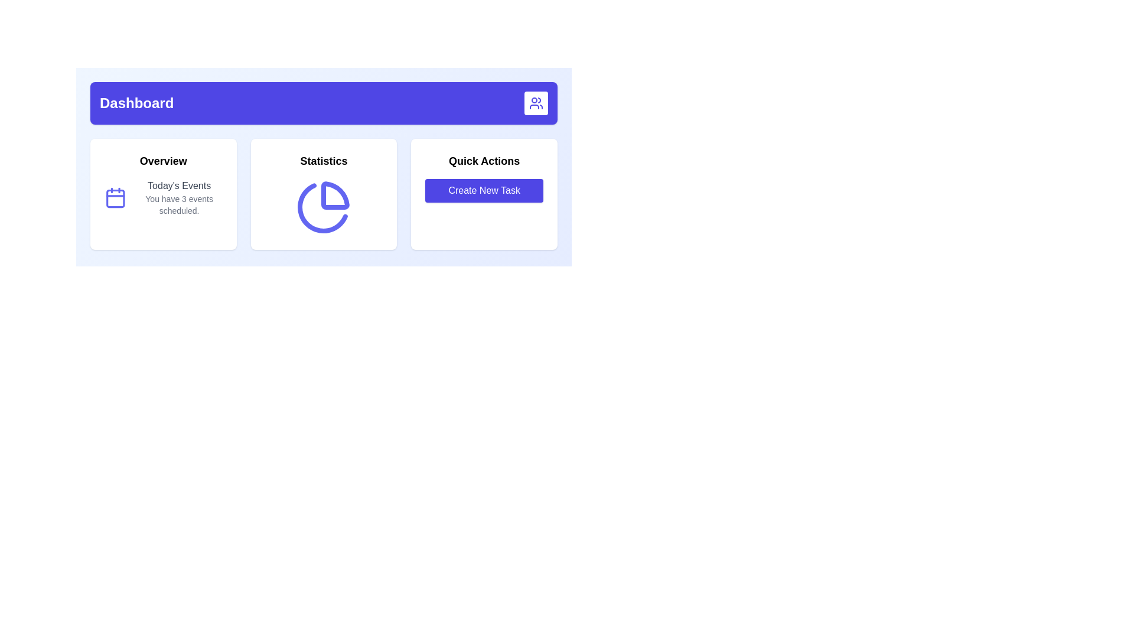 The image size is (1134, 638). Describe the element at coordinates (484, 161) in the screenshot. I see `the 'Quick Actions' text label, which is a bold, large font header located at the top of a card-like section in the upper-right corner of the interface` at that location.